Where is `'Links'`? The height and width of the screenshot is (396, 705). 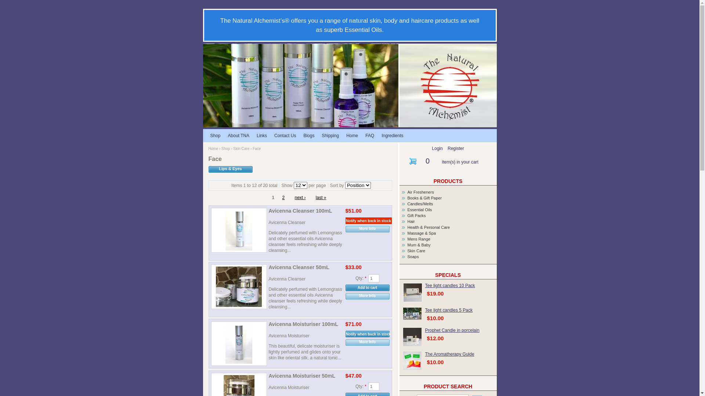 'Links' is located at coordinates (262, 135).